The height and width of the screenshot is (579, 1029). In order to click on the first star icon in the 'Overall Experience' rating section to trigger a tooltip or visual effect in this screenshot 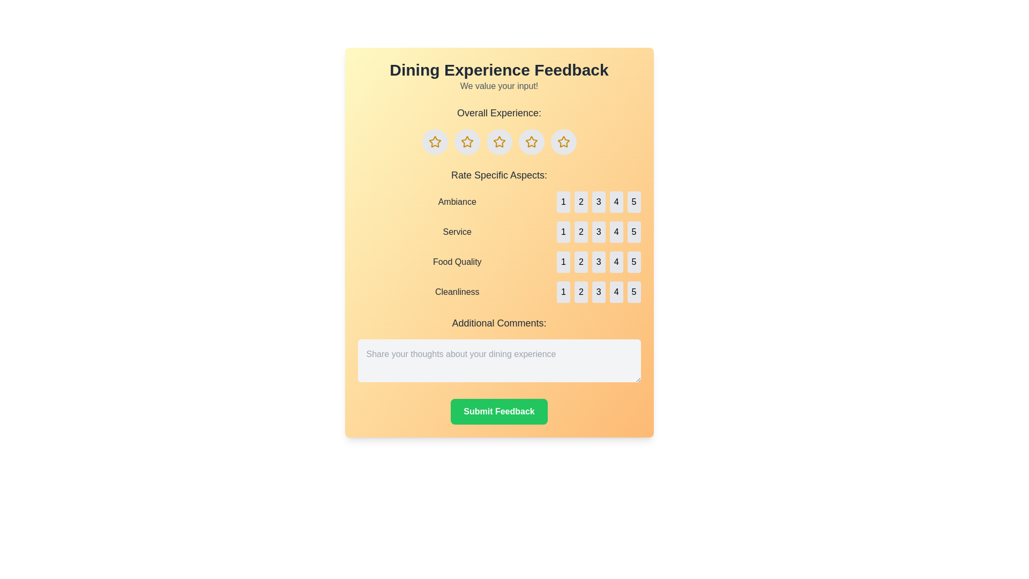, I will do `click(435, 141)`.